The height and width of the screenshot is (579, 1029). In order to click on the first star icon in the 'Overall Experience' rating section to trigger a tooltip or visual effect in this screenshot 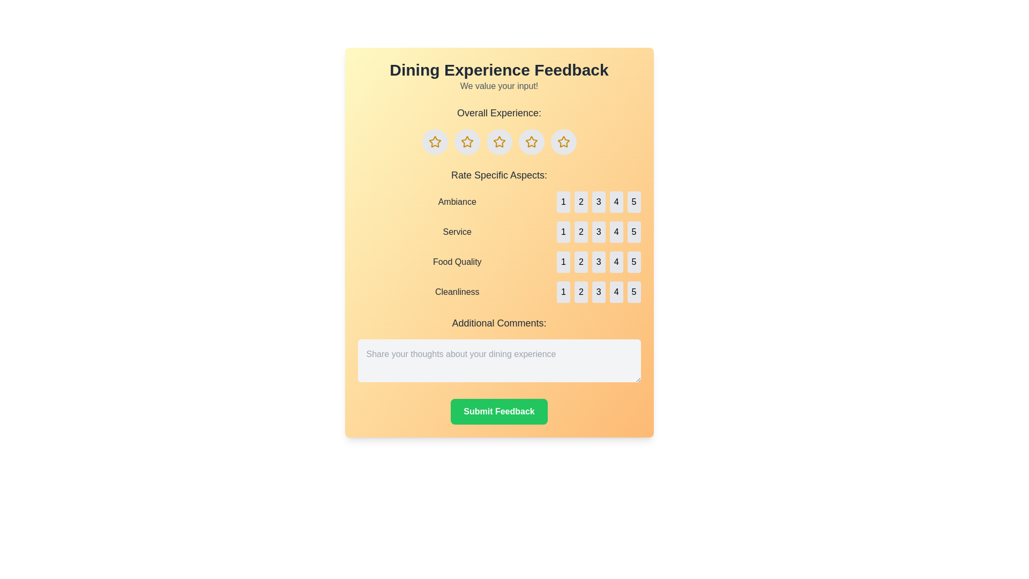, I will do `click(435, 141)`.